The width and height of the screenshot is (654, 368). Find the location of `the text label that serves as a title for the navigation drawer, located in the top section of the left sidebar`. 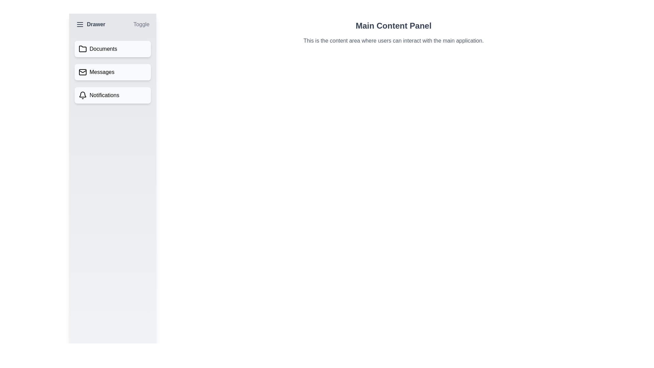

the text label that serves as a title for the navigation drawer, located in the top section of the left sidebar is located at coordinates (96, 24).